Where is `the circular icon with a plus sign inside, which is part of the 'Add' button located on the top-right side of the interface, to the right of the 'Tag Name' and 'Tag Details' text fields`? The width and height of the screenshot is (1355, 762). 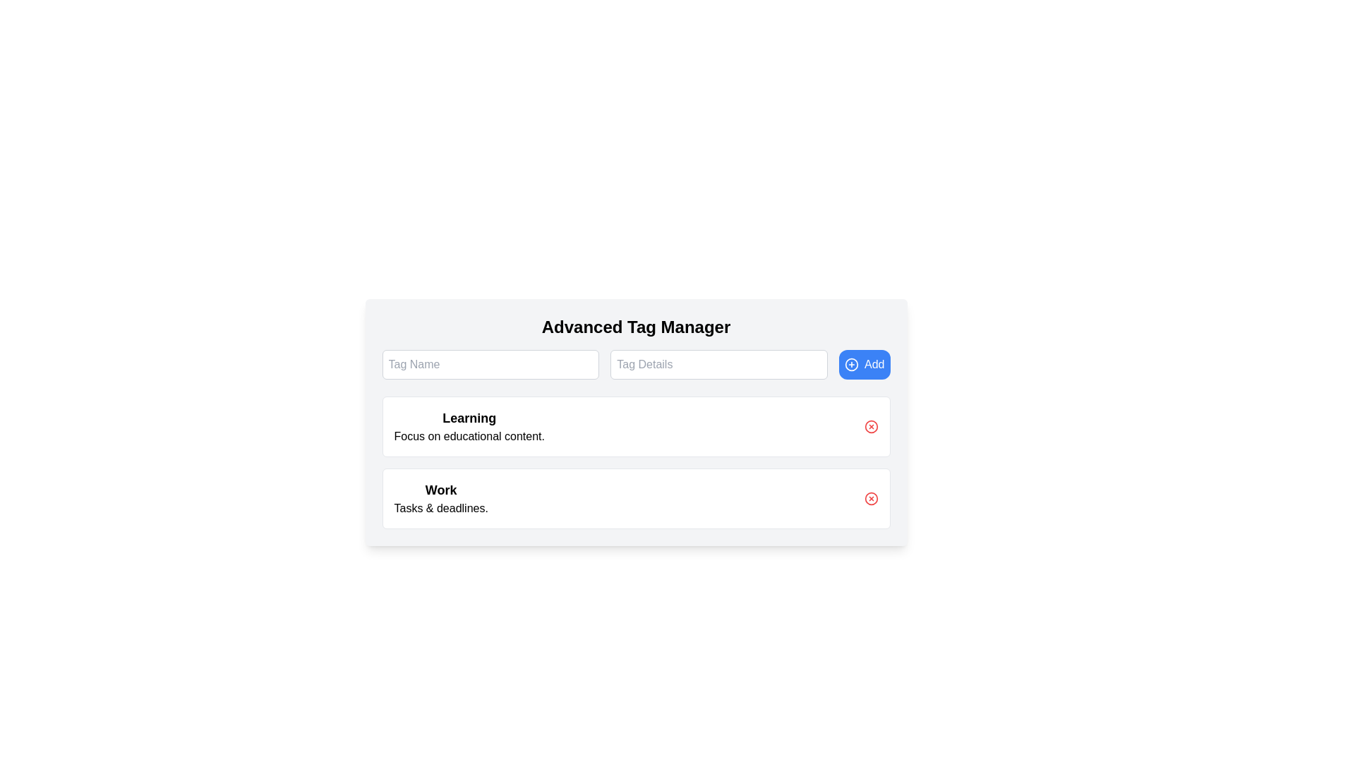
the circular icon with a plus sign inside, which is part of the 'Add' button located on the top-right side of the interface, to the right of the 'Tag Name' and 'Tag Details' text fields is located at coordinates (851, 363).